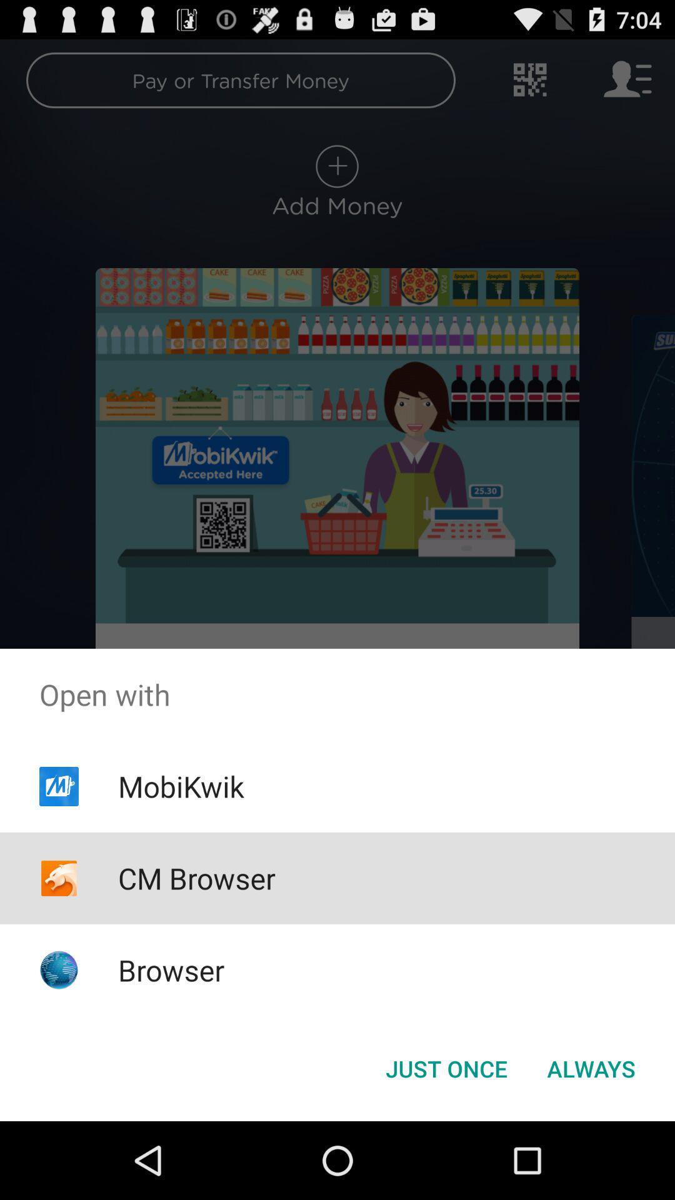  What do you see at coordinates (197, 877) in the screenshot?
I see `the cm browser icon` at bounding box center [197, 877].